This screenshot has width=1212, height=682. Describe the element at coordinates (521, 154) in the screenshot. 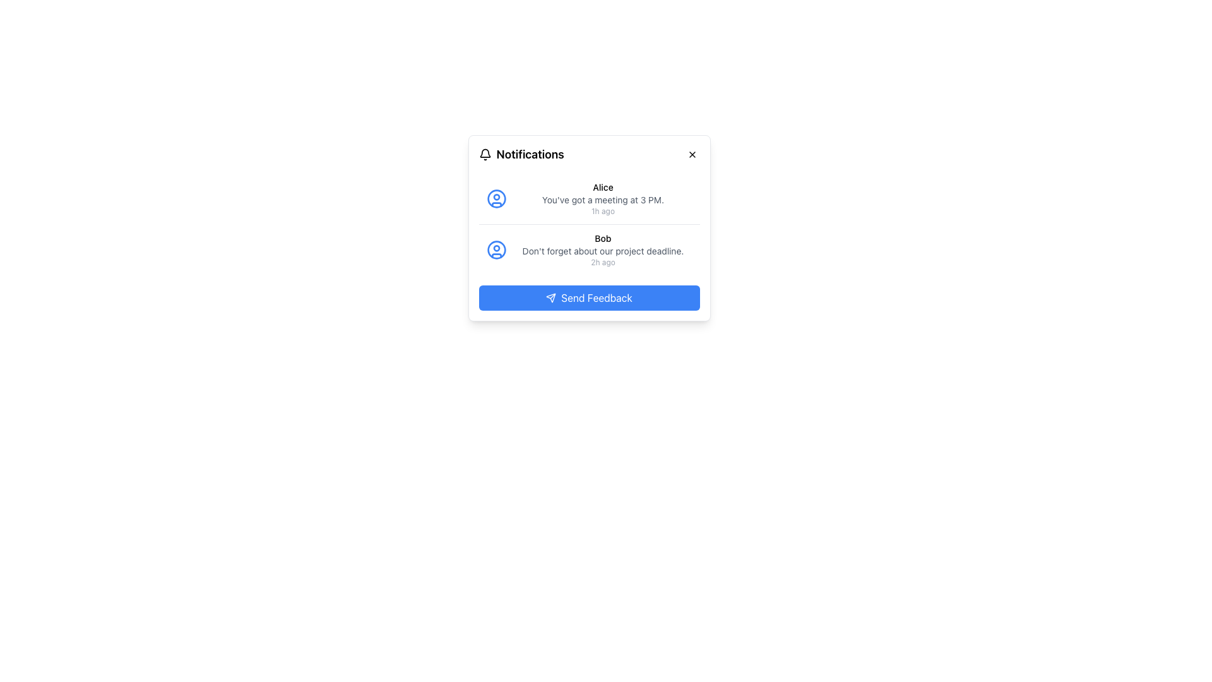

I see `the notification section heading text label, which identifies the content below as notifications and is located at the top-left corner of the notification card` at that location.